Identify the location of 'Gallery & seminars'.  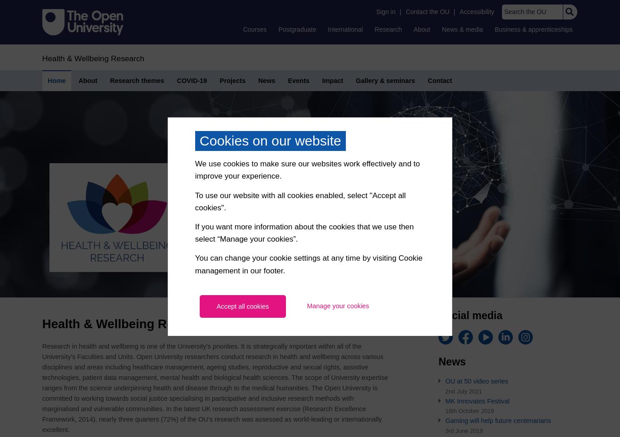
(384, 80).